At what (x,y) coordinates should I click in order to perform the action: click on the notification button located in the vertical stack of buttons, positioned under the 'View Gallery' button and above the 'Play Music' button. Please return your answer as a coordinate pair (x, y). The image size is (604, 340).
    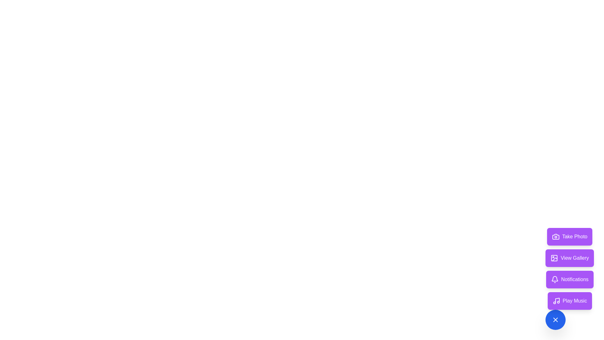
    Looking at the image, I should click on (570, 279).